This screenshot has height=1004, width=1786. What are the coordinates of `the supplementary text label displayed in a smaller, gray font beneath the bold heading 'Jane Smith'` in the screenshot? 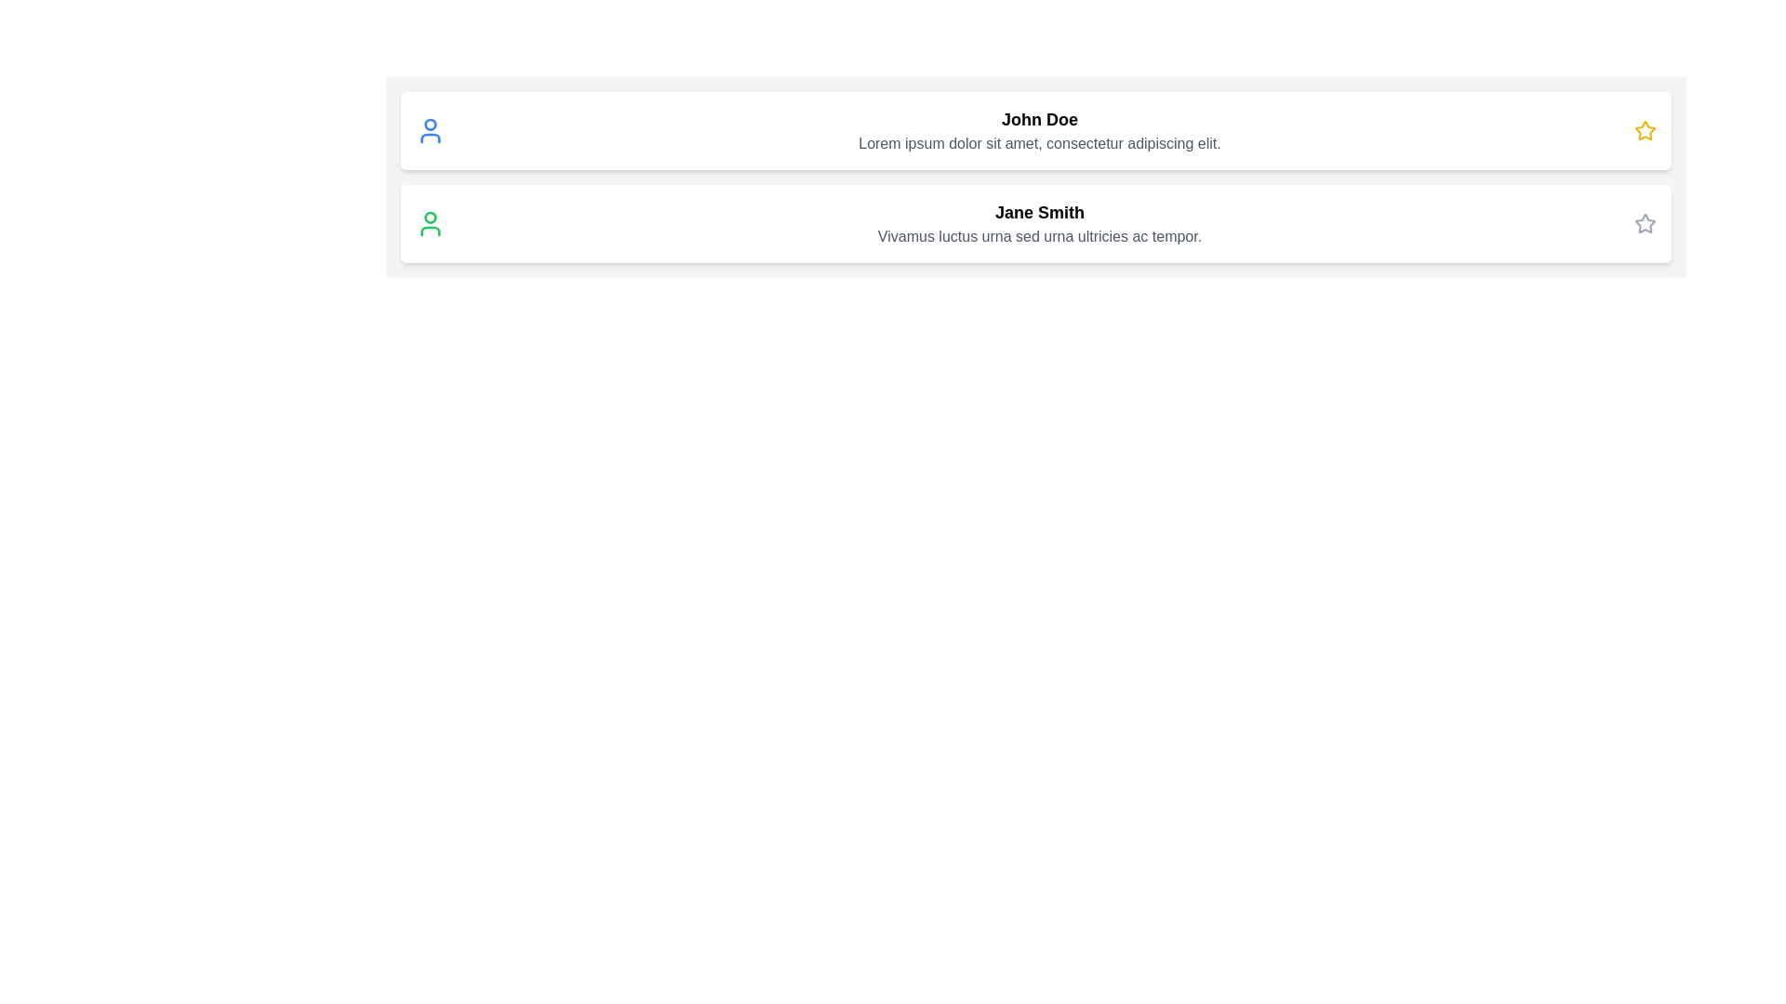 It's located at (1039, 235).